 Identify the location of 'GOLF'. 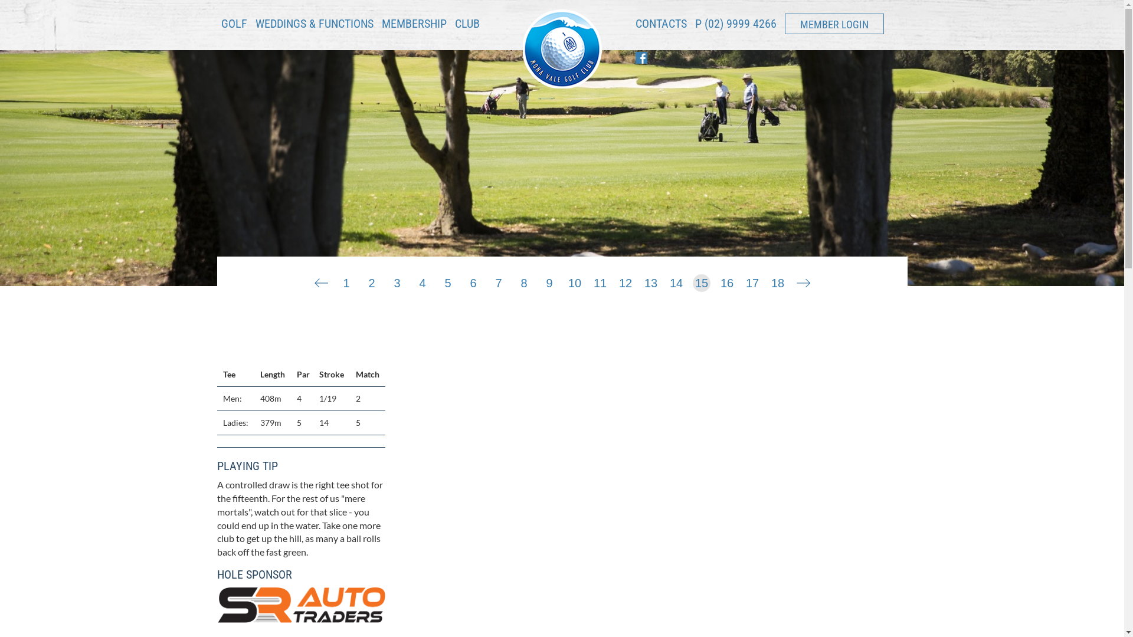
(233, 27).